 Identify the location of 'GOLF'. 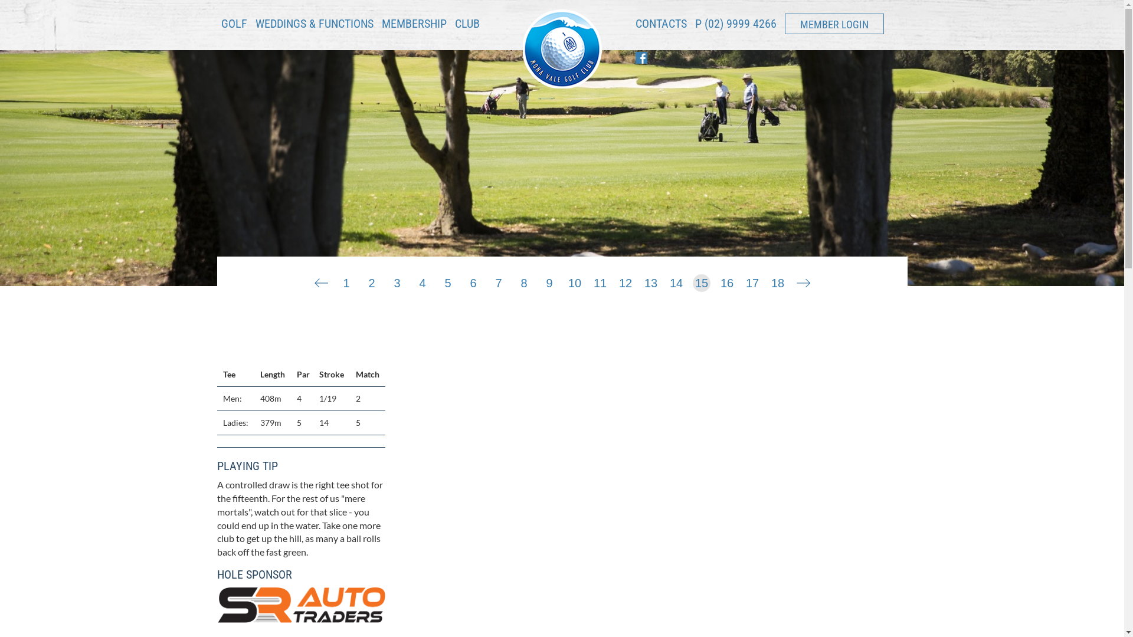
(233, 27).